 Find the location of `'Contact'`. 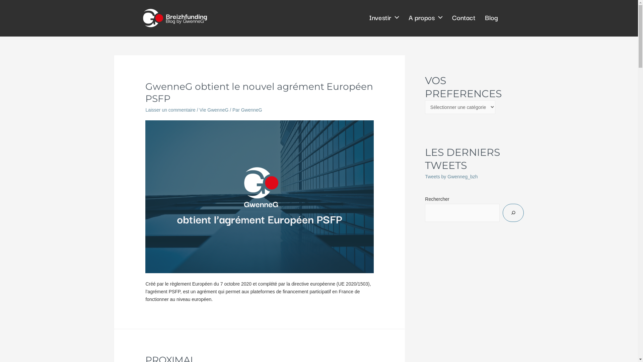

'Contact' is located at coordinates (460, 17).